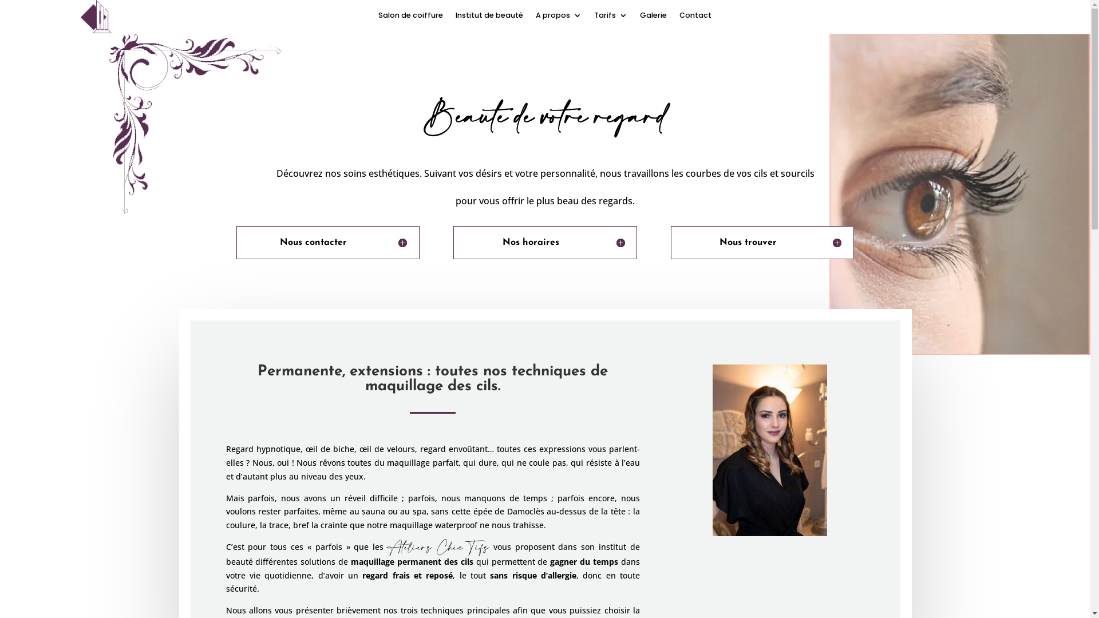  What do you see at coordinates (653, 17) in the screenshot?
I see `'Galerie'` at bounding box center [653, 17].